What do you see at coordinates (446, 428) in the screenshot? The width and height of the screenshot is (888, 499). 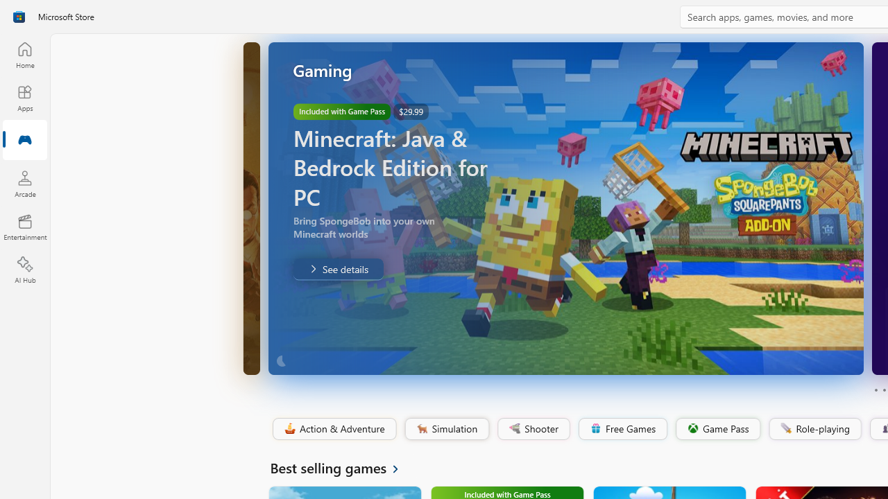 I see `'Simulation'` at bounding box center [446, 428].